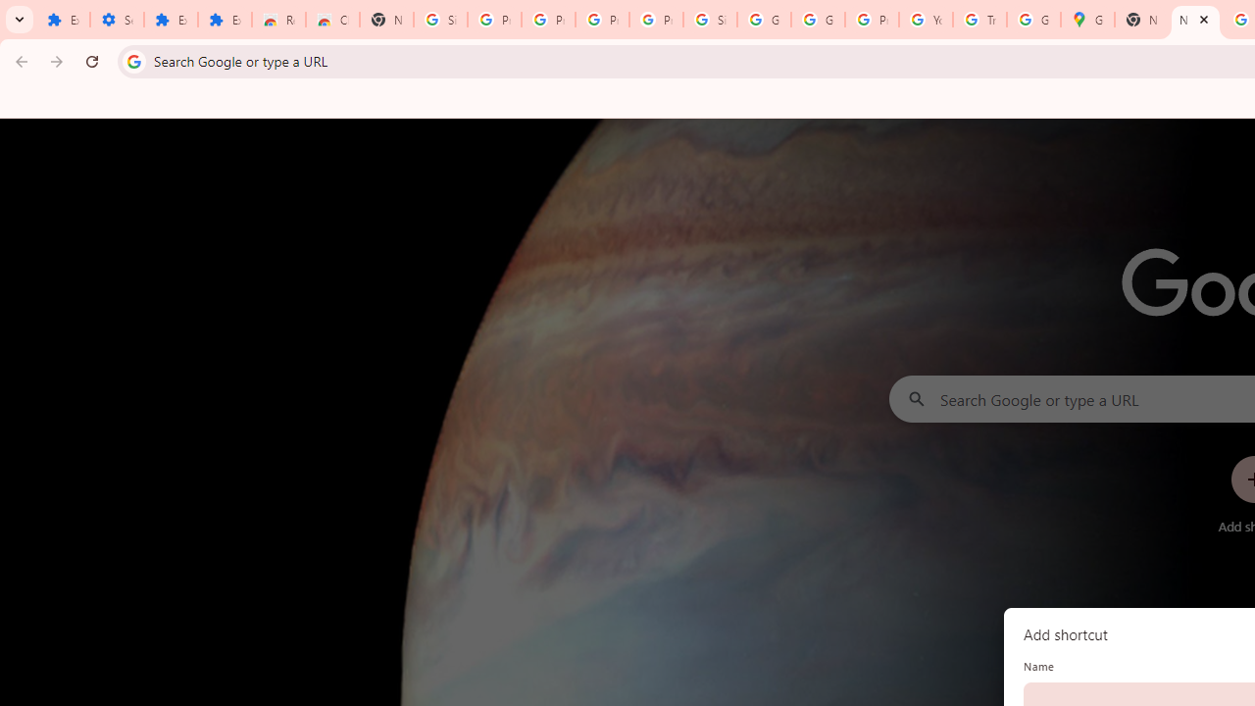 This screenshot has height=706, width=1255. Describe the element at coordinates (1086, 20) in the screenshot. I see `'Google Maps'` at that location.